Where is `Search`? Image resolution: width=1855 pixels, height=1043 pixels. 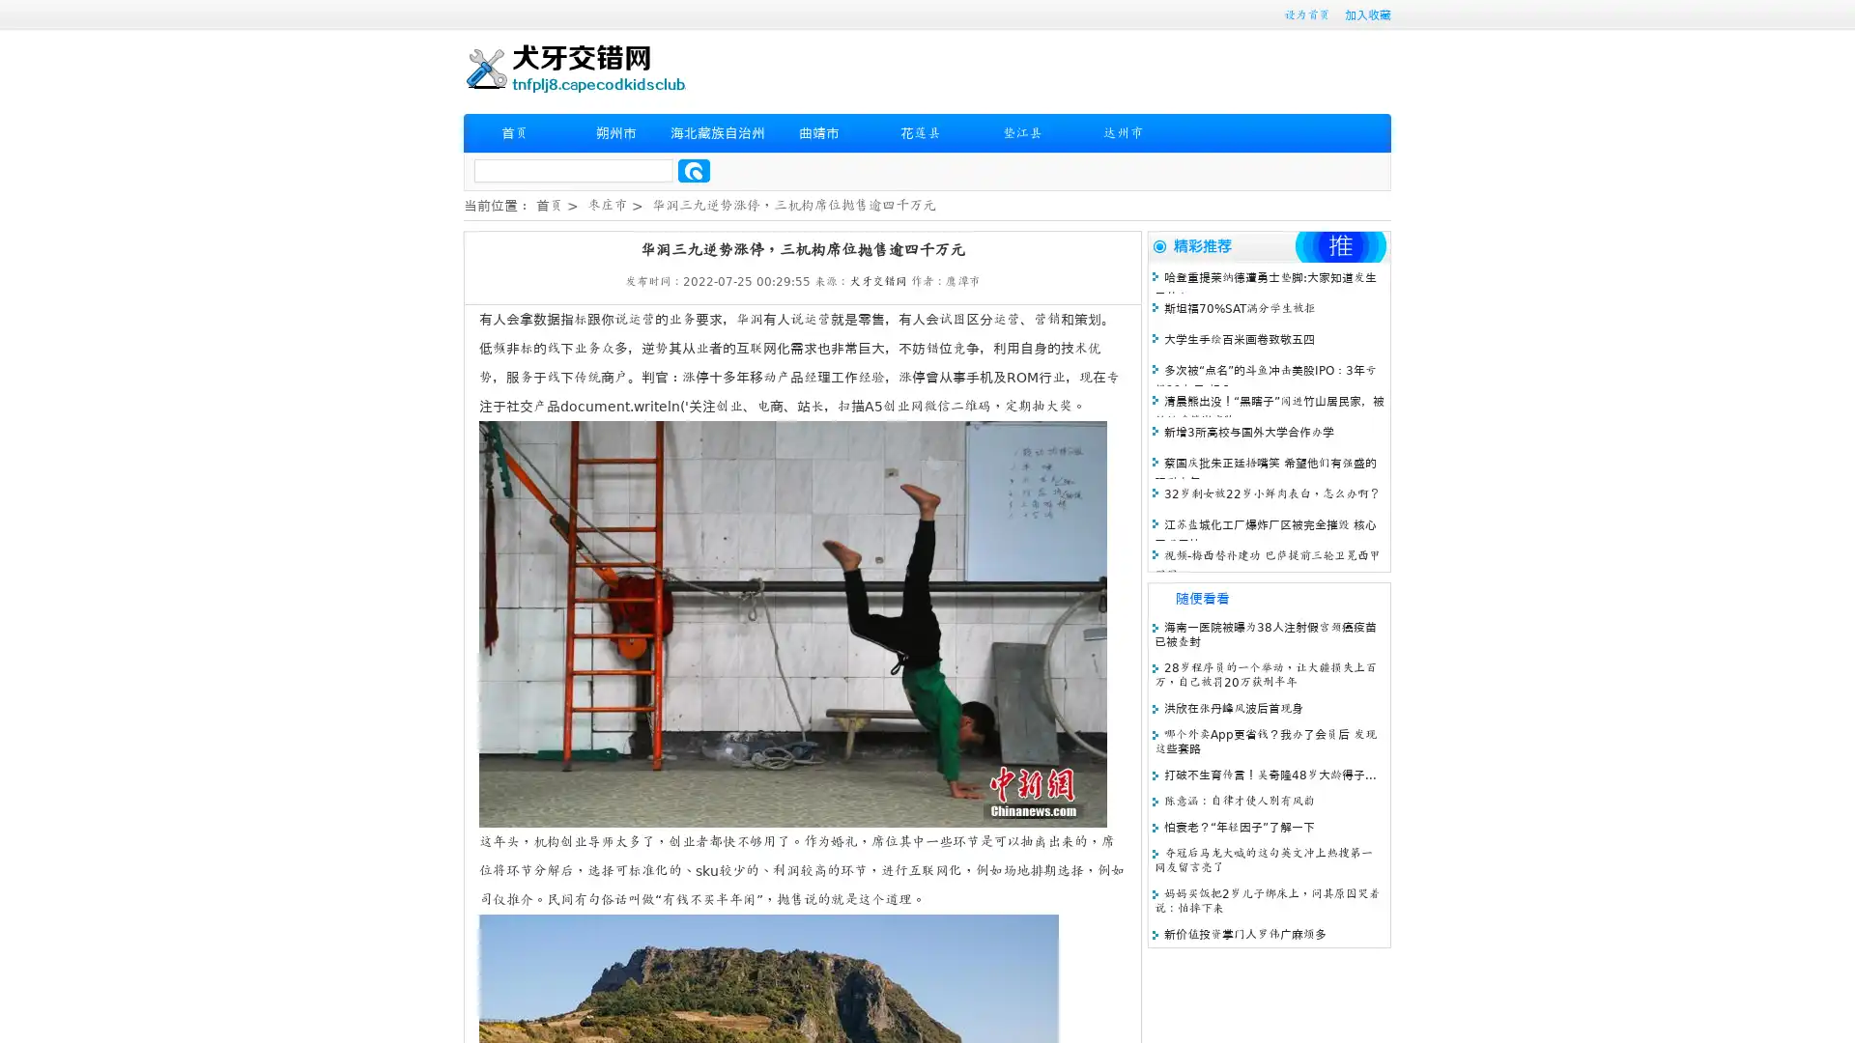 Search is located at coordinates (694, 170).